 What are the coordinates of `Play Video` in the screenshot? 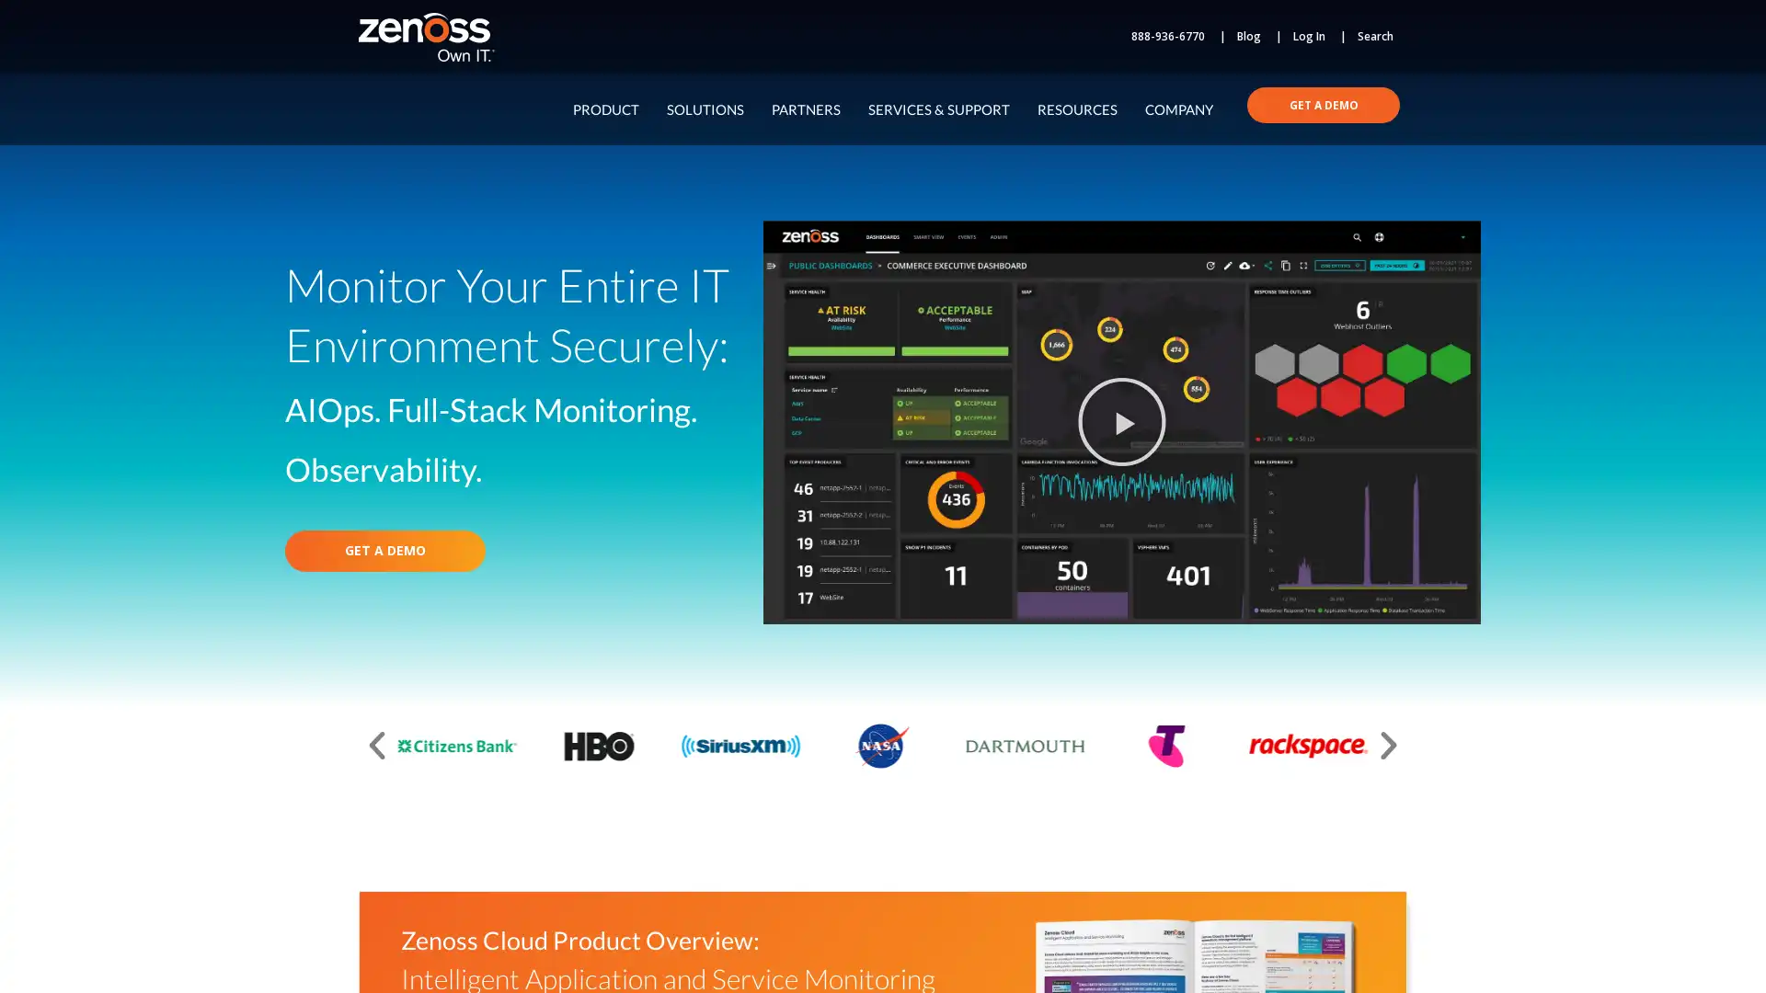 It's located at (1120, 422).